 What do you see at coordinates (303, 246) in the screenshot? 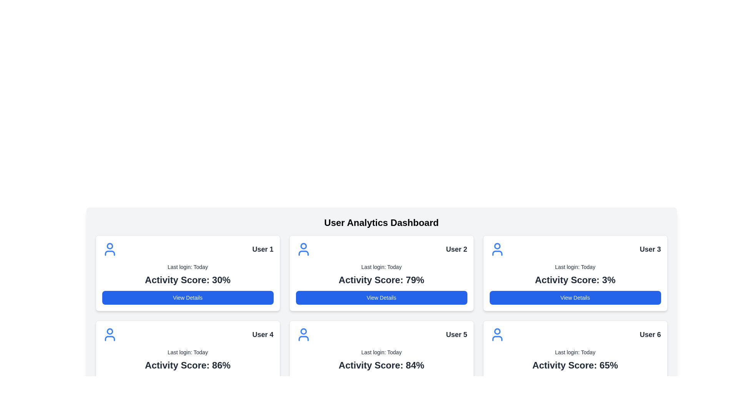
I see `the circular graphical element representing the head part of the user icon for 'User 2' in the analytics dashboard` at bounding box center [303, 246].